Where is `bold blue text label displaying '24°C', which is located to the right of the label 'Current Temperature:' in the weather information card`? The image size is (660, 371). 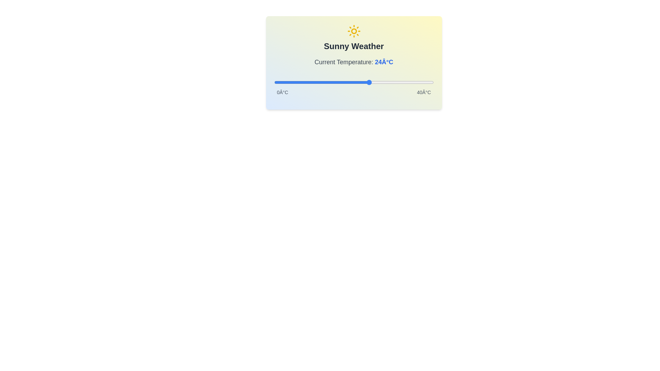
bold blue text label displaying '24°C', which is located to the right of the label 'Current Temperature:' in the weather information card is located at coordinates (384, 62).